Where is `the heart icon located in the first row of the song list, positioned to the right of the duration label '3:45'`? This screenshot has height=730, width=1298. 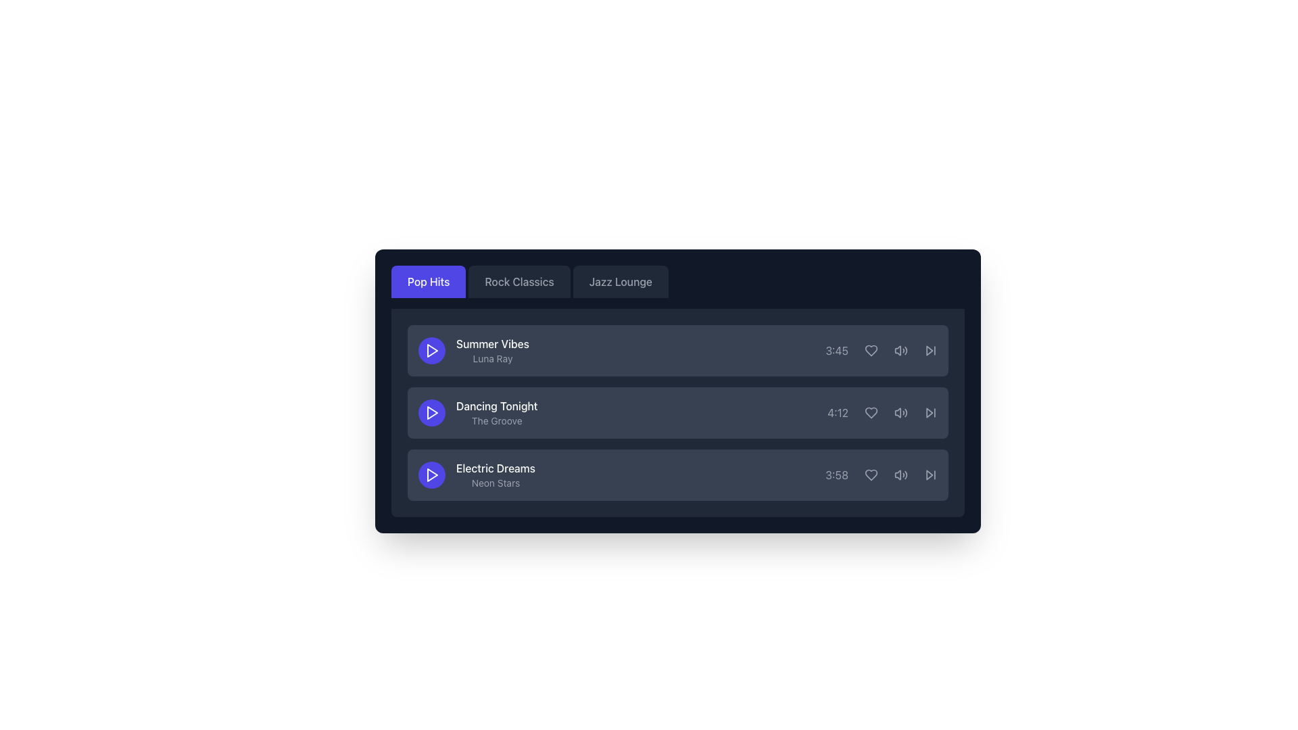 the heart icon located in the first row of the song list, positioned to the right of the duration label '3:45' is located at coordinates (871, 350).